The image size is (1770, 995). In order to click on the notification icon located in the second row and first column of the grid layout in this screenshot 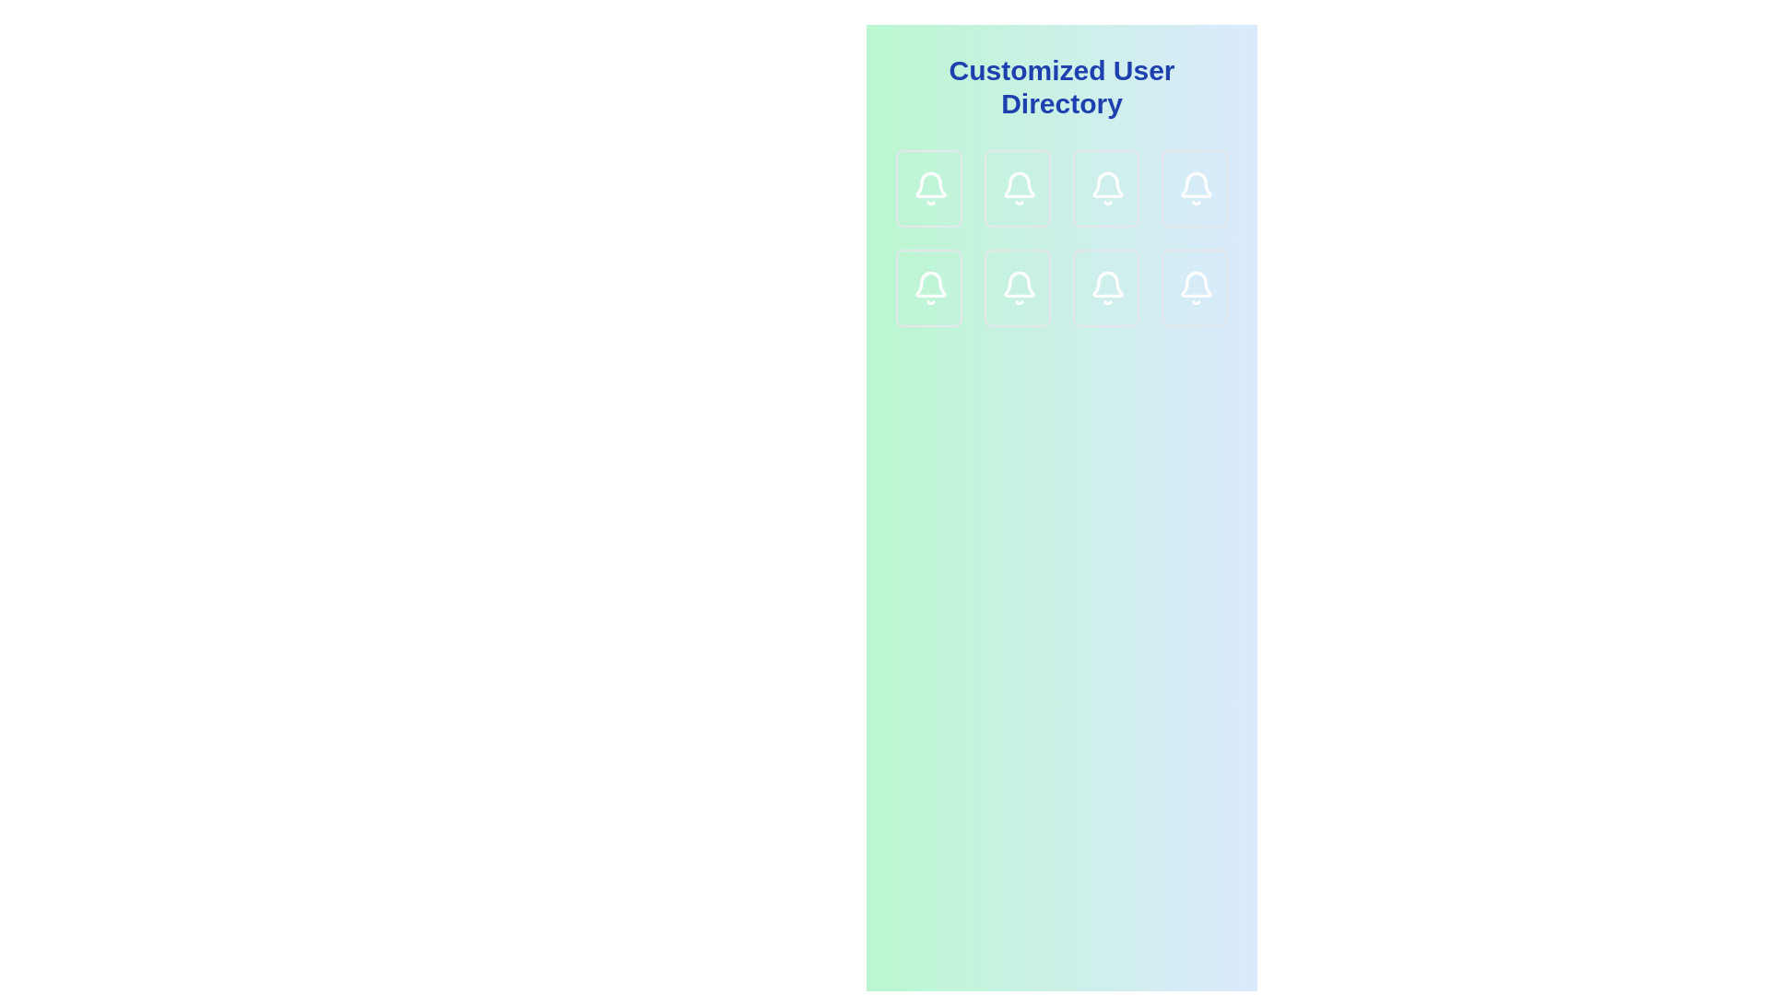, I will do `click(930, 284)`.